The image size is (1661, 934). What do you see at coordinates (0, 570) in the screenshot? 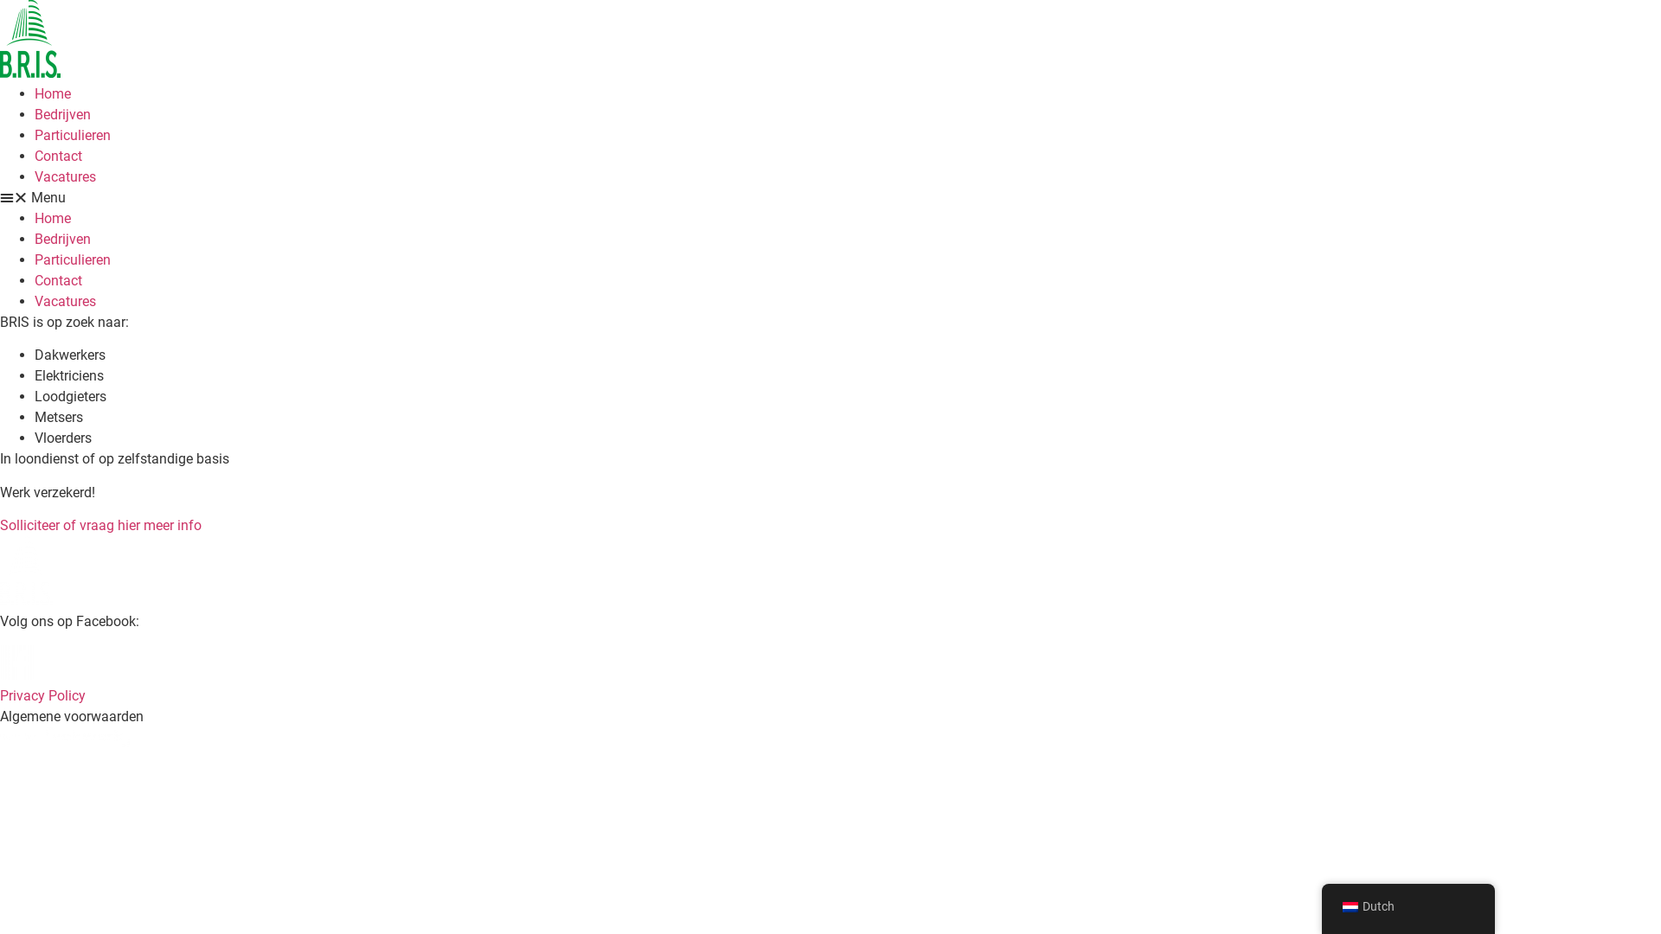
I see `'bris-logo-wit'` at bounding box center [0, 570].